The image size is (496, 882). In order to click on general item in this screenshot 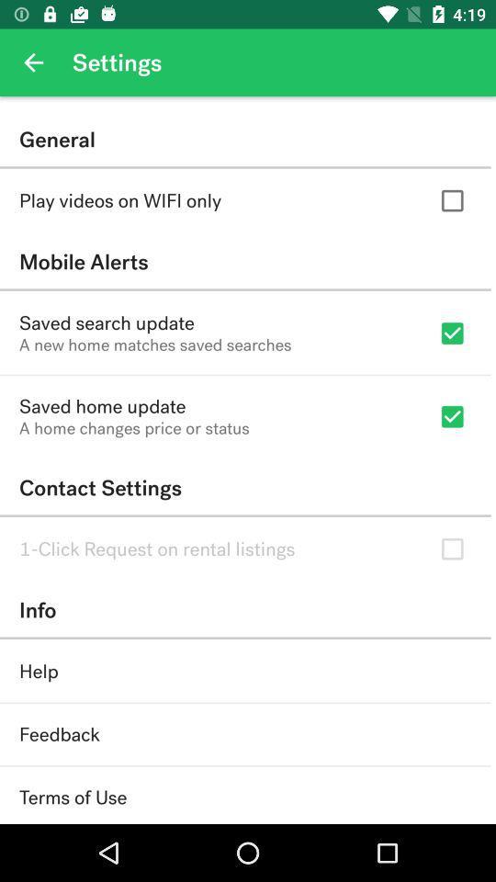, I will do `click(245, 139)`.